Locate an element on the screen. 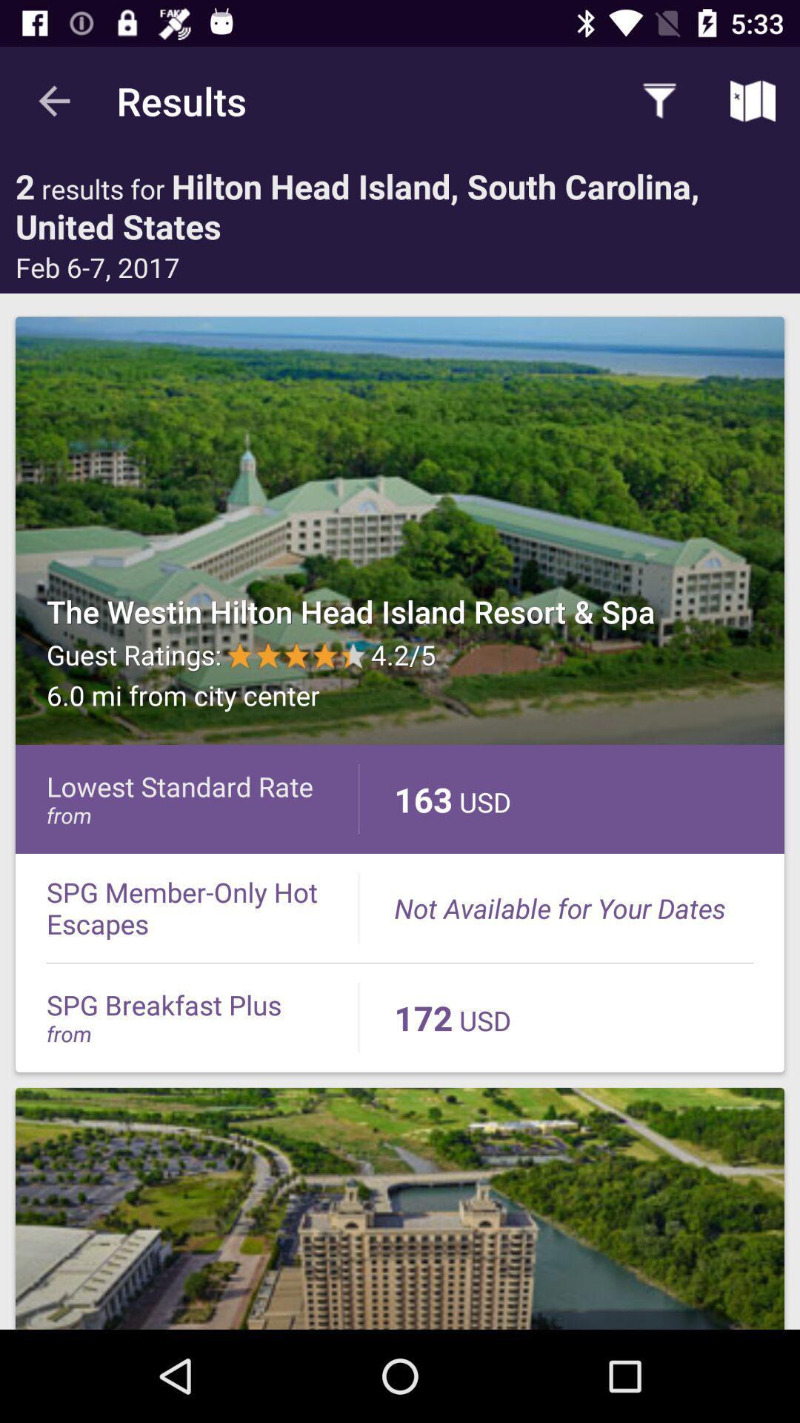  the app to the left of the results item is located at coordinates (53, 100).